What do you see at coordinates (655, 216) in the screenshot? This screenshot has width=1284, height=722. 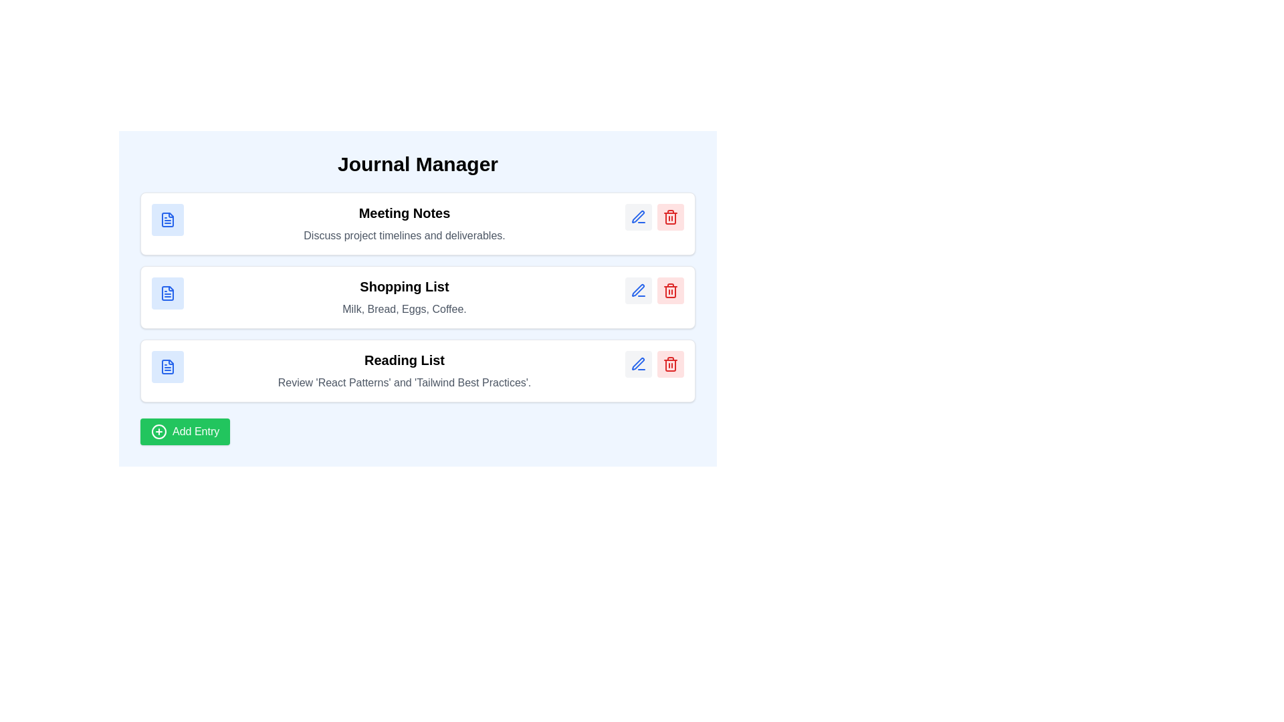 I see `the red trash icon located within a pale red rounded square in the Grouped action controls at the top right of the 'Meeting Notes' card` at bounding box center [655, 216].